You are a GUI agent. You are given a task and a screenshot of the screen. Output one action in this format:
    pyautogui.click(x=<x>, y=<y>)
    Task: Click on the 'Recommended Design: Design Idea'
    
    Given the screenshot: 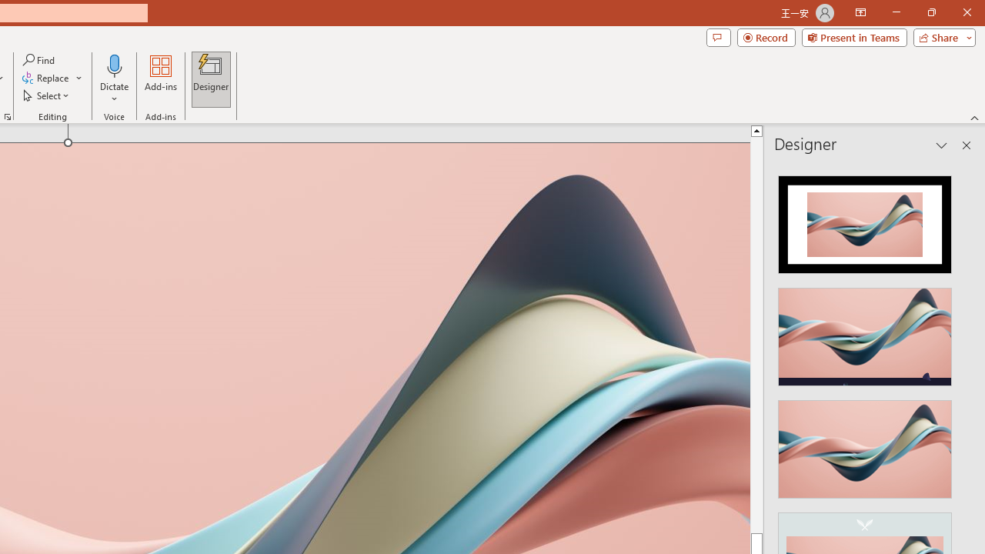 What is the action you would take?
    pyautogui.click(x=865, y=220)
    